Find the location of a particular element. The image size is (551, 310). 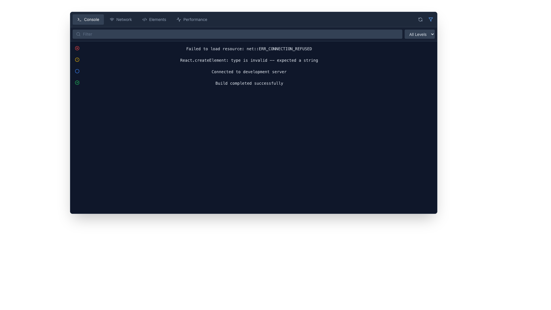

the 'Elements' tab navigation button located in the horizontal navigation bar at the top of the interface is located at coordinates (154, 19).